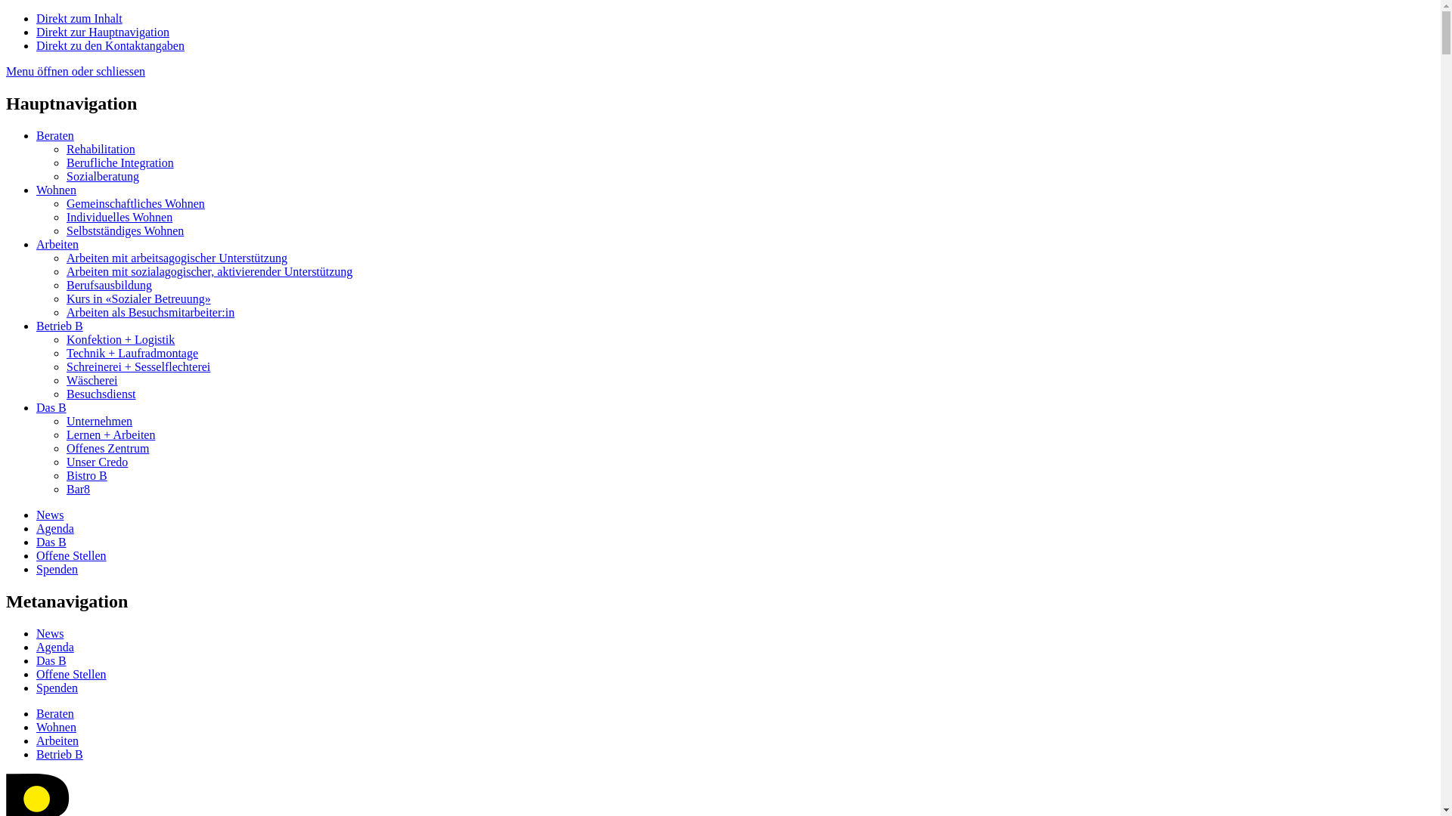  What do you see at coordinates (54, 134) in the screenshot?
I see `'Beraten'` at bounding box center [54, 134].